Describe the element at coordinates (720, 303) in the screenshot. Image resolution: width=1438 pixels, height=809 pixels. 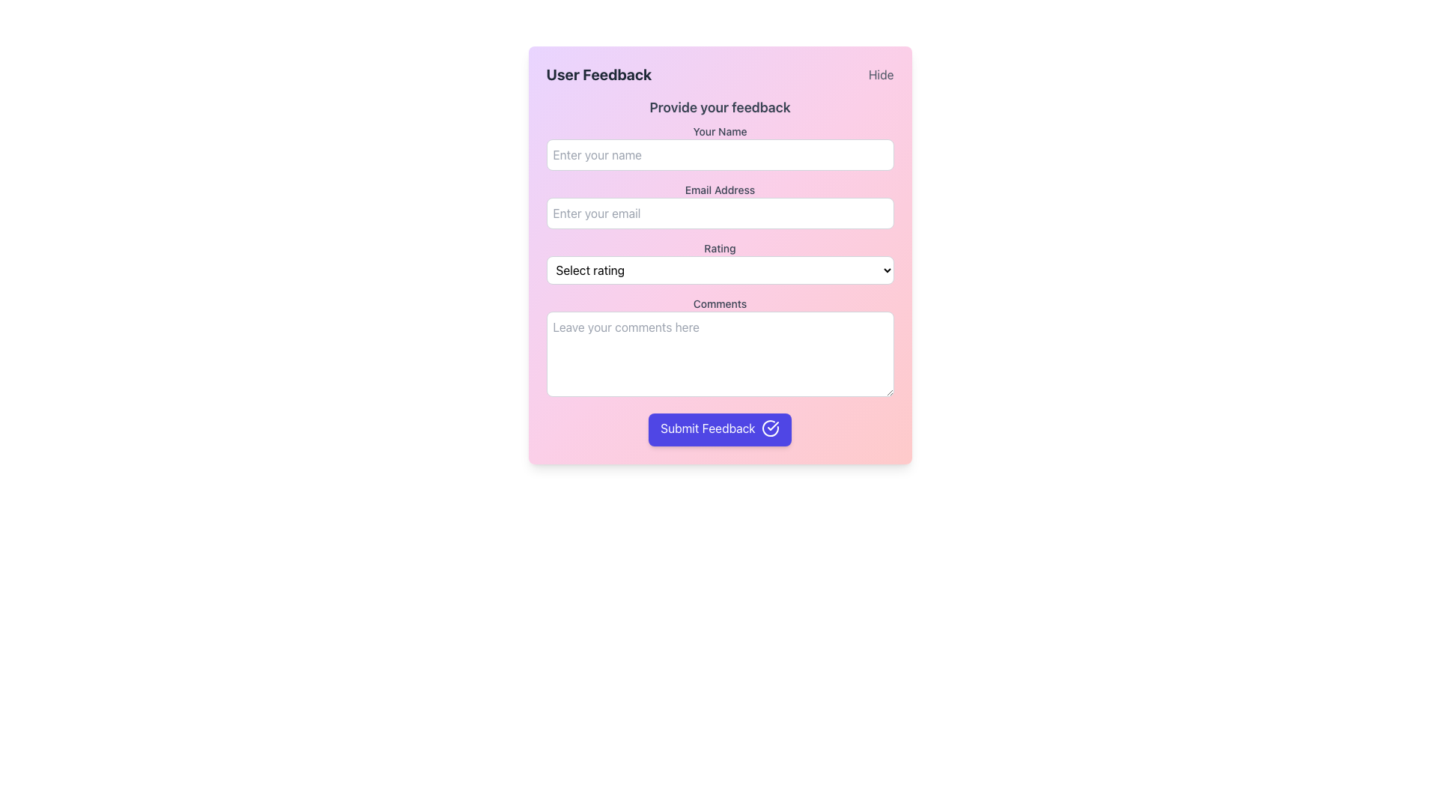
I see `the label located within the 'User Feedback' form, positioned above the comment text area labeled 'Leave your comments here'` at that location.